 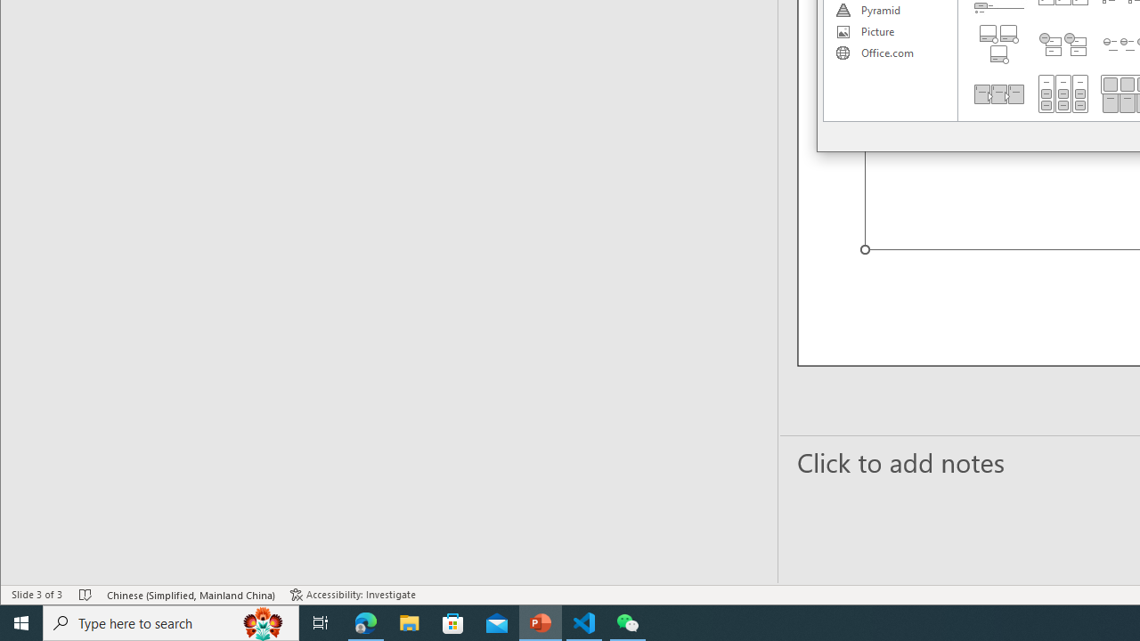 What do you see at coordinates (320, 621) in the screenshot?
I see `'Task View'` at bounding box center [320, 621].